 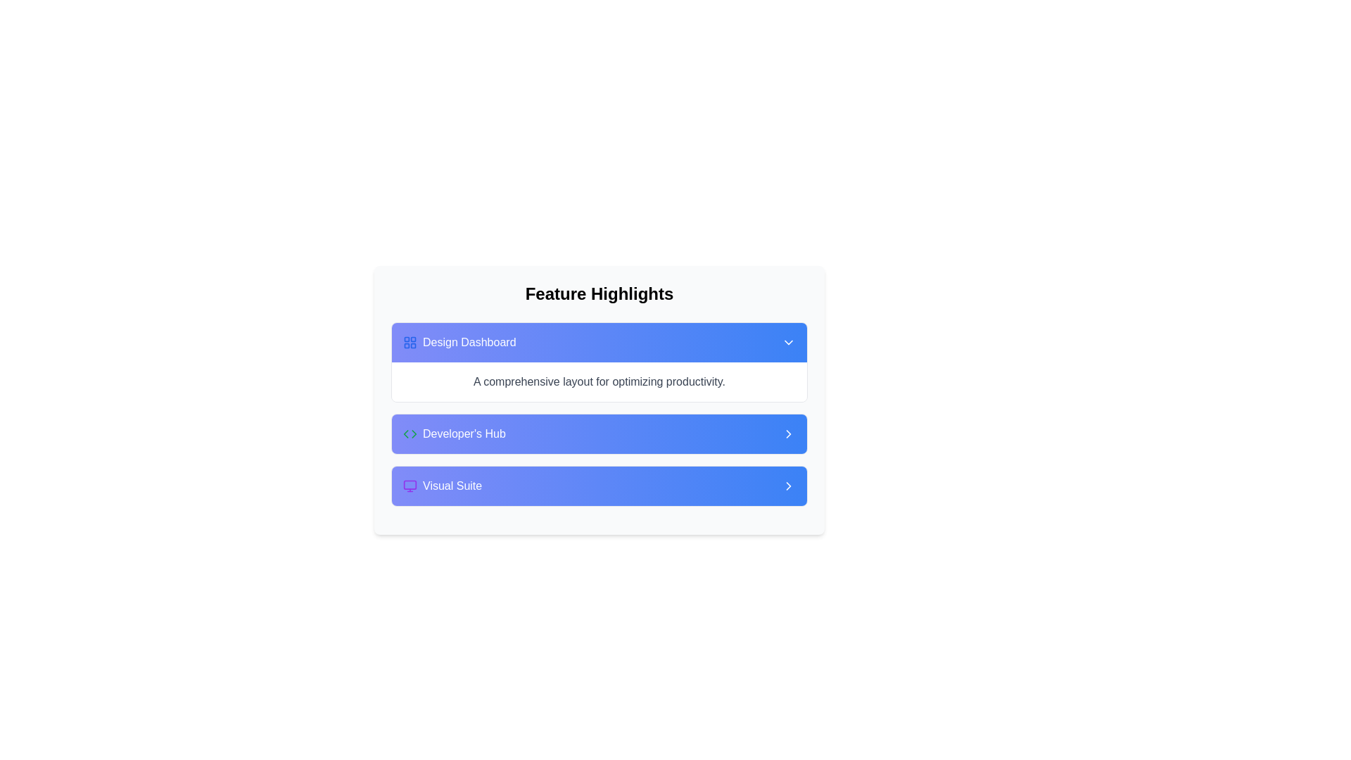 I want to click on the selectable button for 'Visual Suite', which is the third button below 'Design Dashboard' and 'Developer's Hub', so click(x=599, y=485).